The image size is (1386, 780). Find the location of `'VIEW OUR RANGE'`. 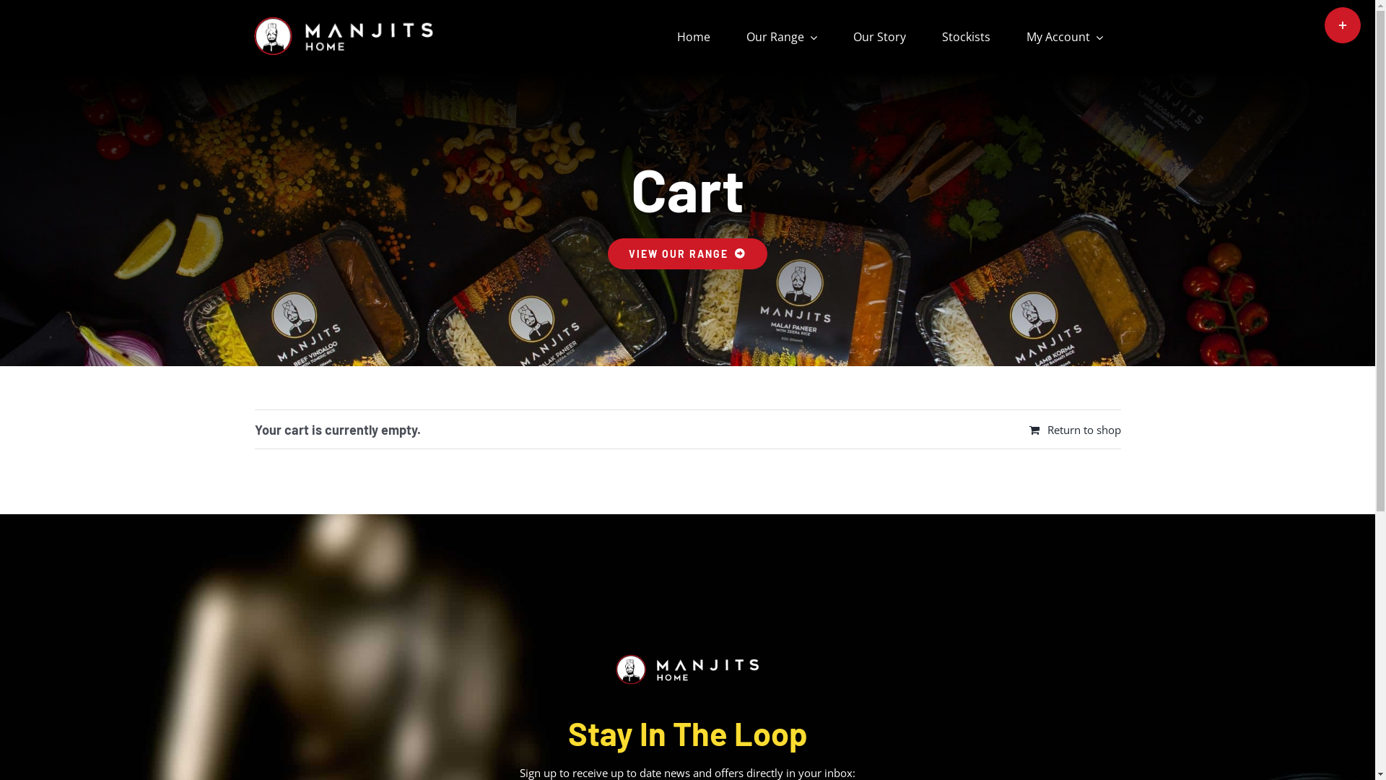

'VIEW OUR RANGE' is located at coordinates (607, 253).